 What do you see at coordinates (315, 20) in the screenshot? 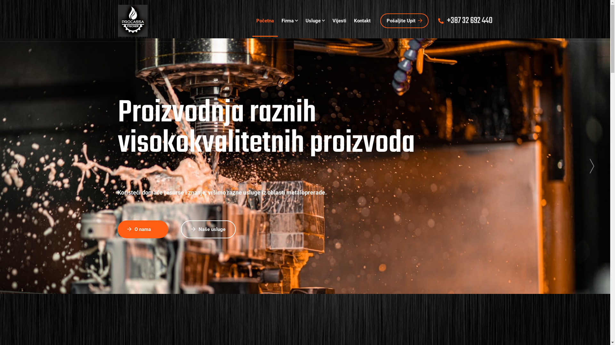
I see `'Usluge'` at bounding box center [315, 20].